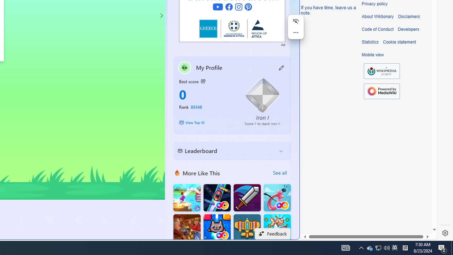 Image resolution: width=453 pixels, height=255 pixels. Describe the element at coordinates (382, 71) in the screenshot. I see `'Wikimedia Foundation'` at that location.